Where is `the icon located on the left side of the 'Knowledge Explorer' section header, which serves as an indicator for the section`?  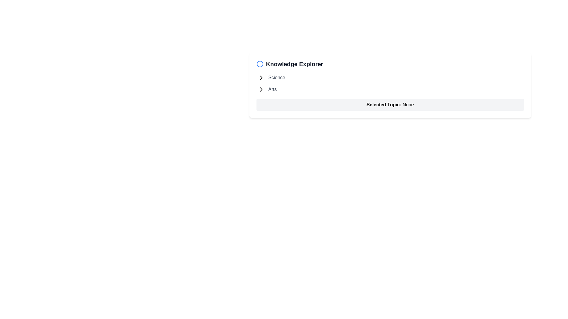 the icon located on the left side of the 'Knowledge Explorer' section header, which serves as an indicator for the section is located at coordinates (260, 64).